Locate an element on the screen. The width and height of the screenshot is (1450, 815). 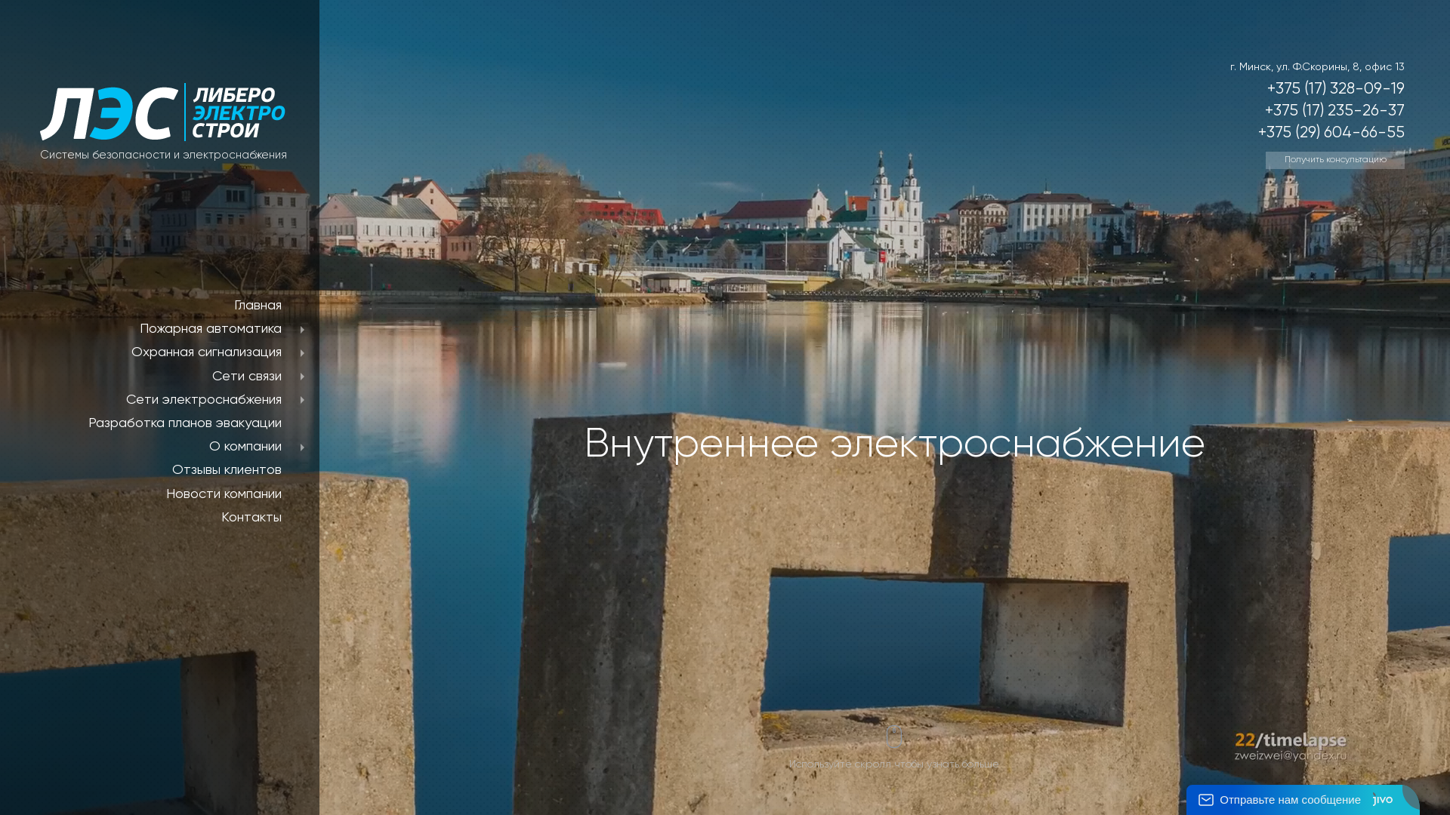
'+375 (17) 235-26-37' is located at coordinates (1334, 110).